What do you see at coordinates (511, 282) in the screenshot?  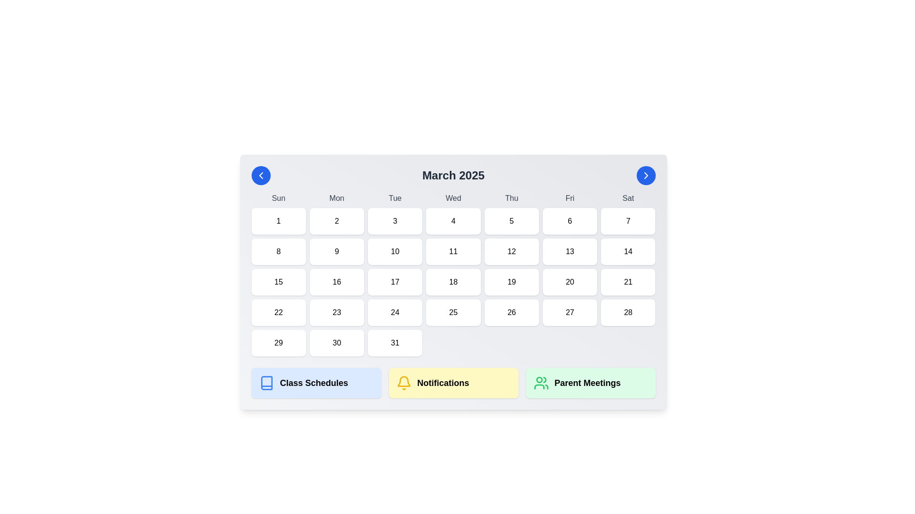 I see `the Calendar day cell located under the 'Thu' column in the fourth row of days` at bounding box center [511, 282].